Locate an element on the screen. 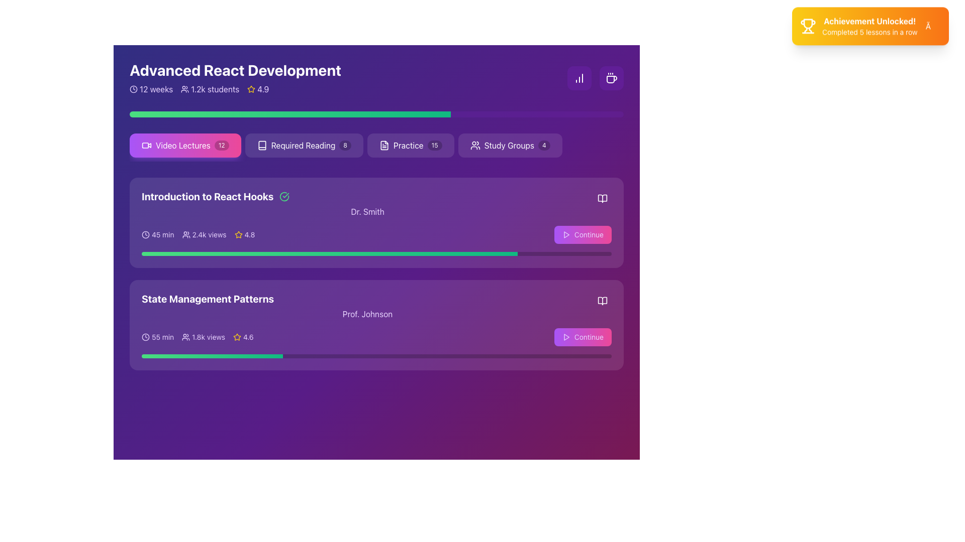 This screenshot has height=542, width=965. the heading text element labeled 'State Management Patterns', which is displayed in bold over a purple background, located in the lower content card beneath 'Introduction to React Hooks' is located at coordinates (207, 299).